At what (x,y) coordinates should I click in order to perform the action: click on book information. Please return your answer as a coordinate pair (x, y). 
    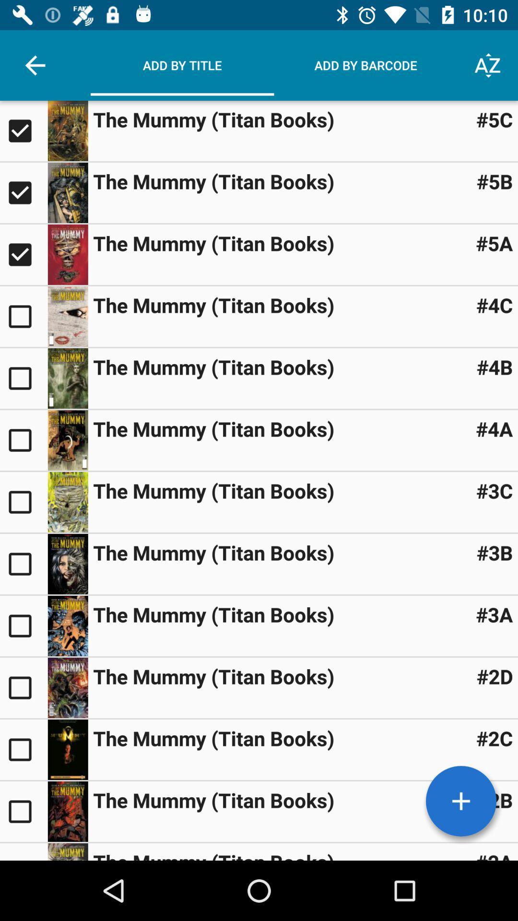
    Looking at the image, I should click on (67, 564).